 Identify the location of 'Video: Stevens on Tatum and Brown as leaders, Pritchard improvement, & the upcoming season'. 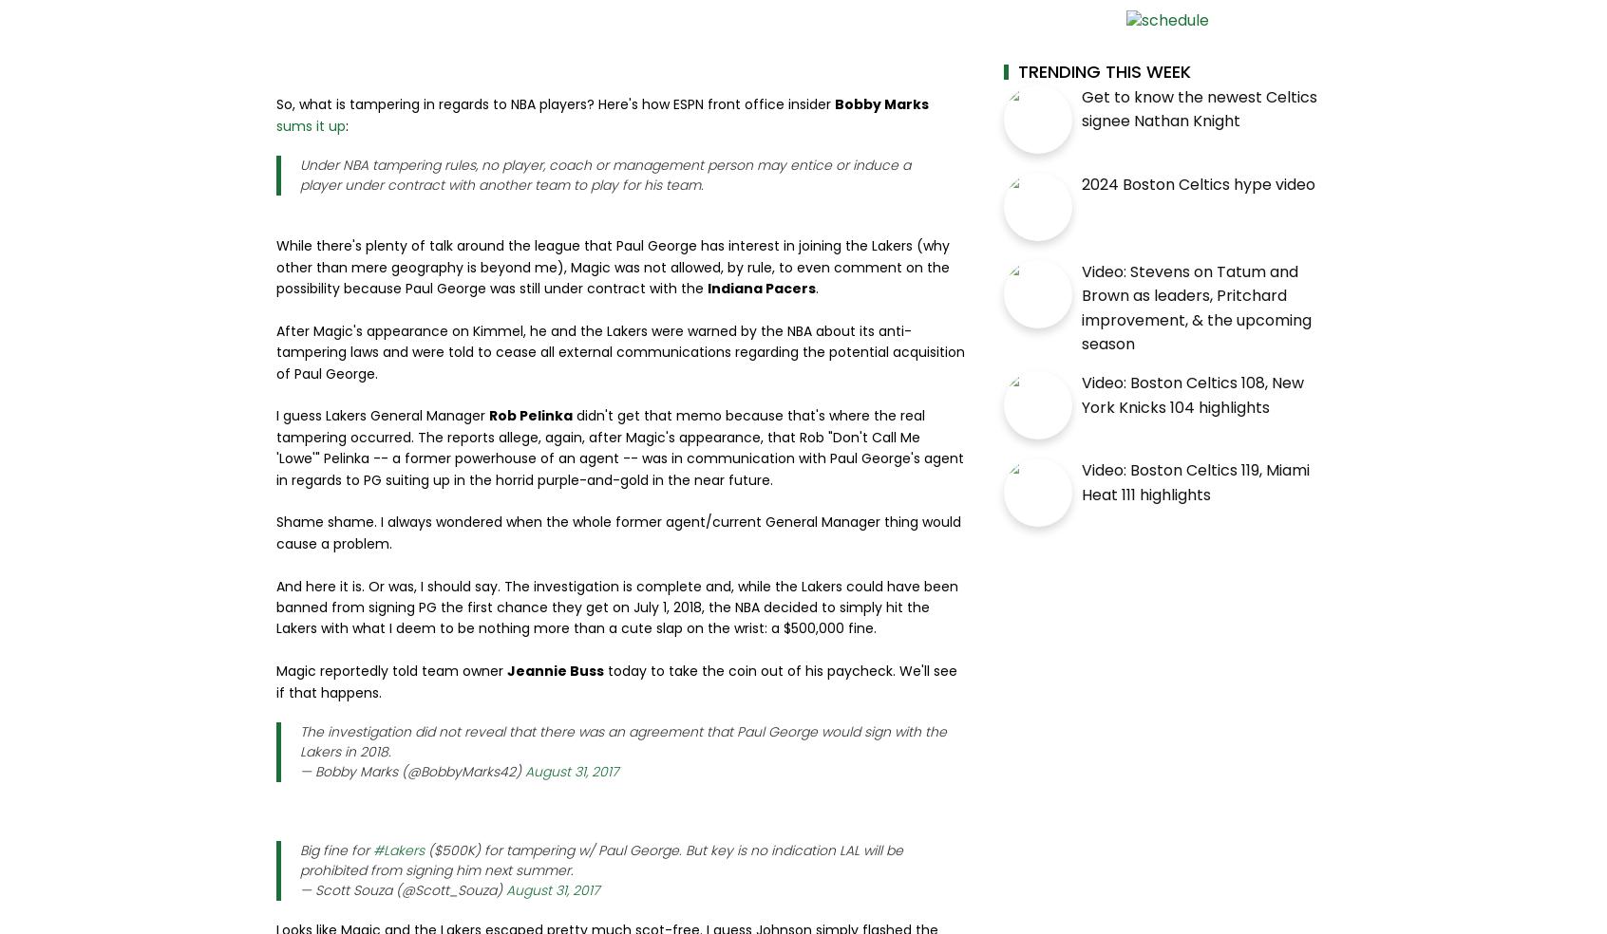
(1197, 307).